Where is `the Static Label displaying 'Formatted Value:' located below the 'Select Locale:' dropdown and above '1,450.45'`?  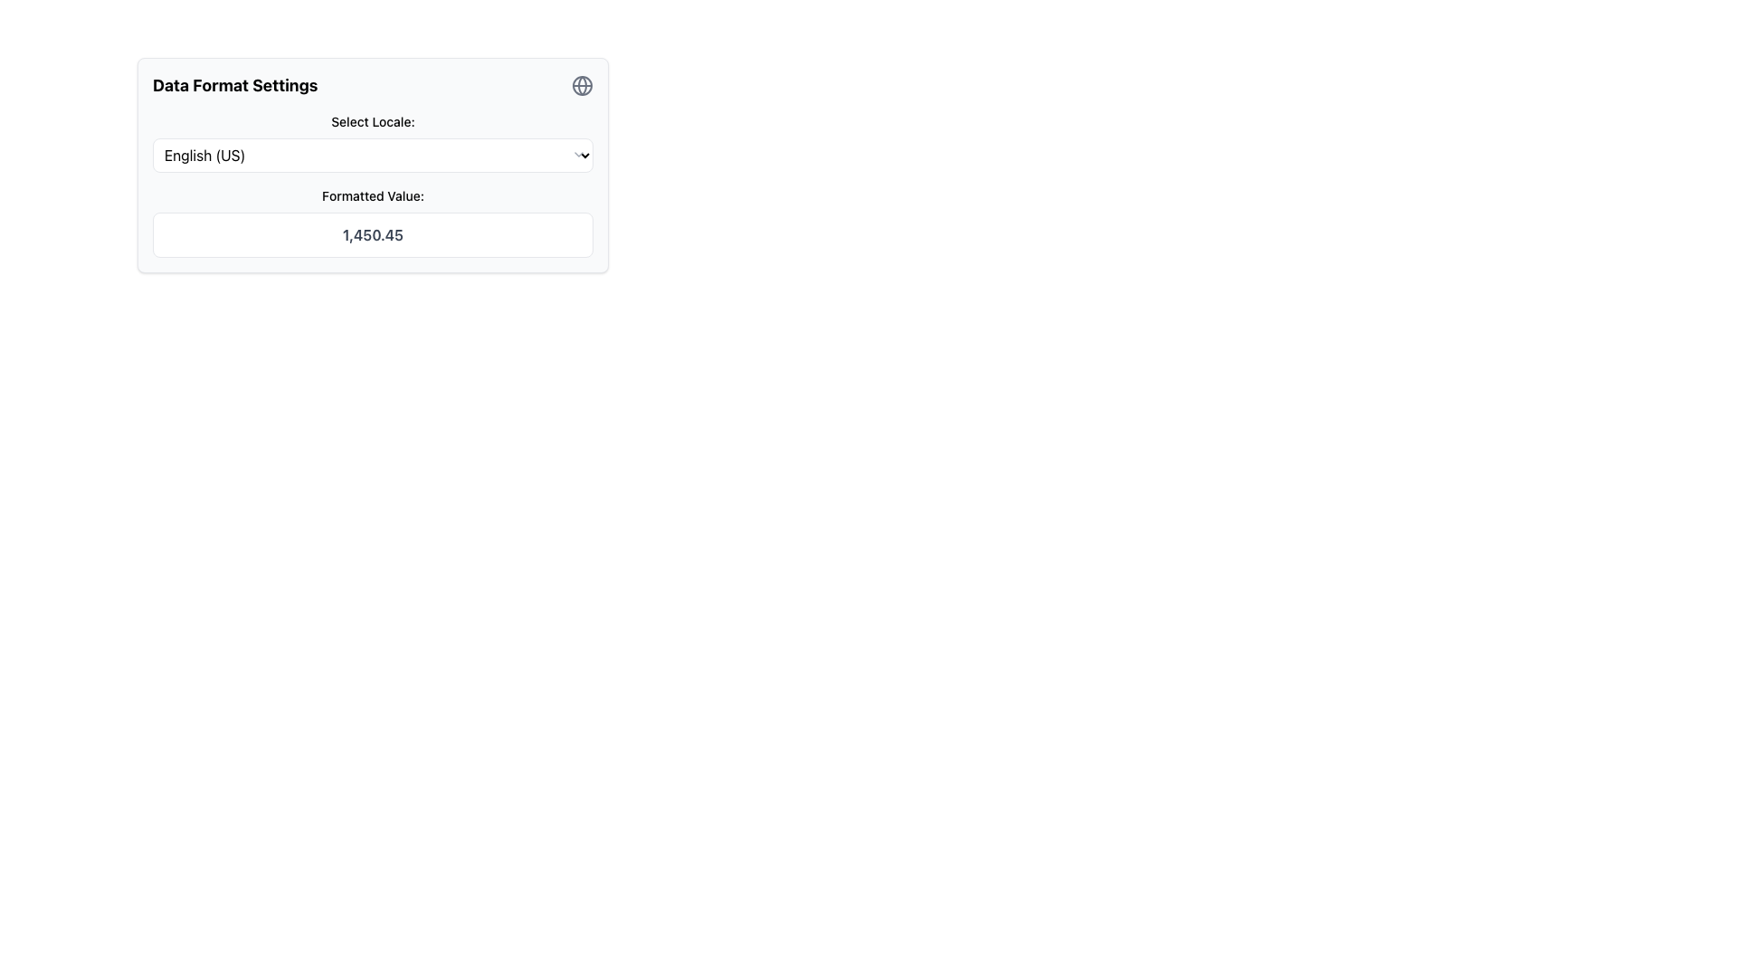
the Static Label displaying 'Formatted Value:' located below the 'Select Locale:' dropdown and above '1,450.45' is located at coordinates (372, 195).